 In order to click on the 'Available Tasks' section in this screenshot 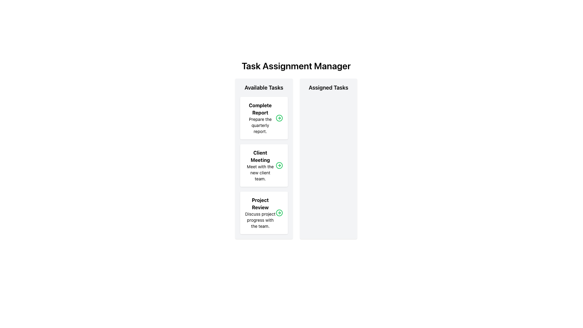, I will do `click(264, 159)`.